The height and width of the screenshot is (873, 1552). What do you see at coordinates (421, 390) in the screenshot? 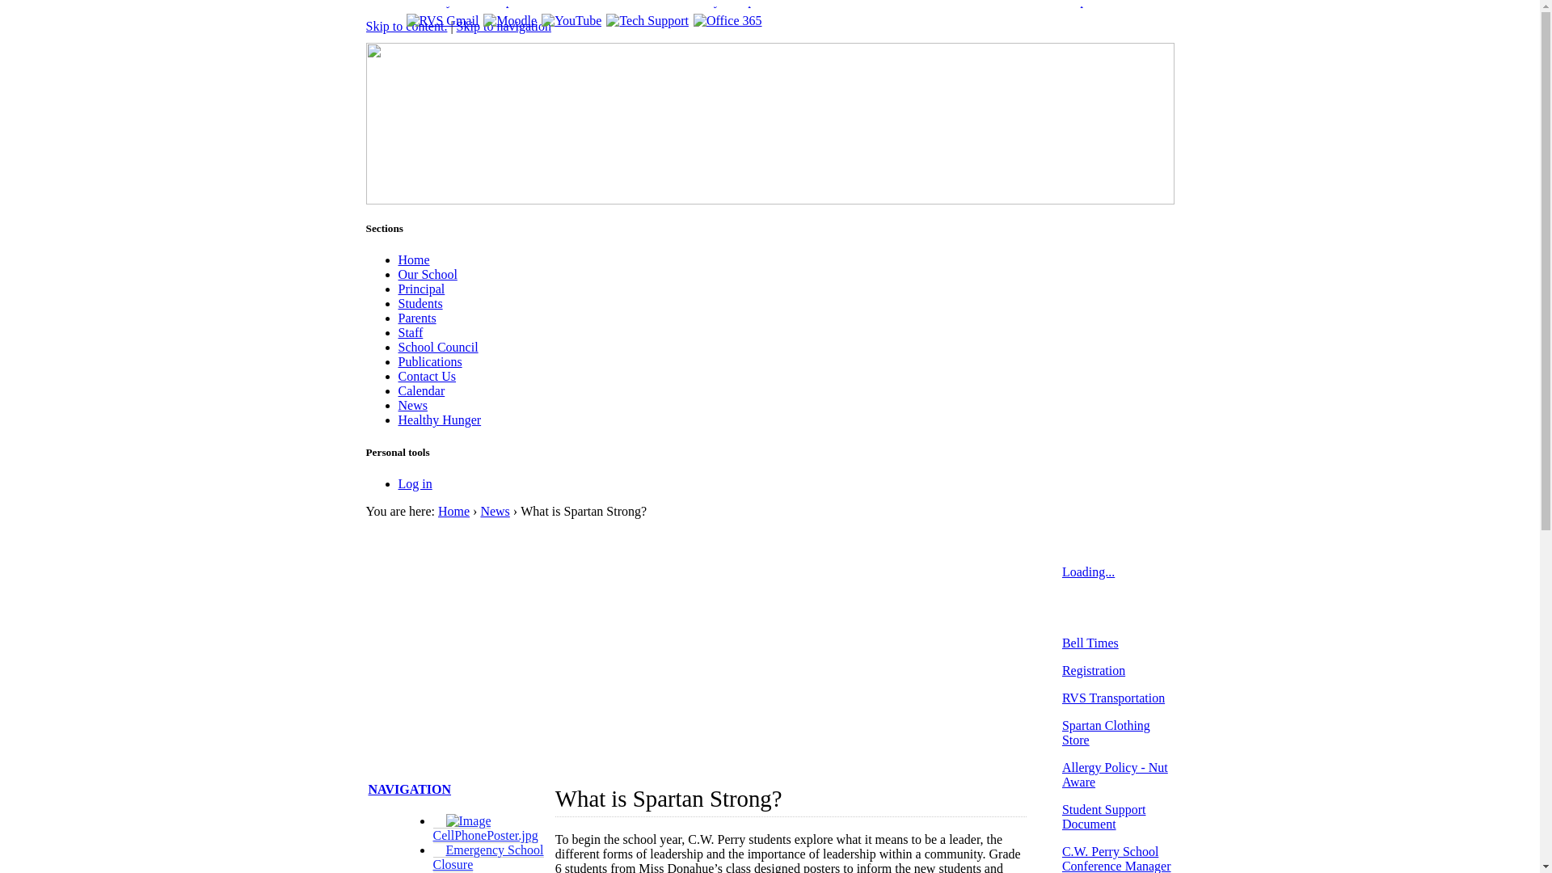
I see `'Calendar'` at bounding box center [421, 390].